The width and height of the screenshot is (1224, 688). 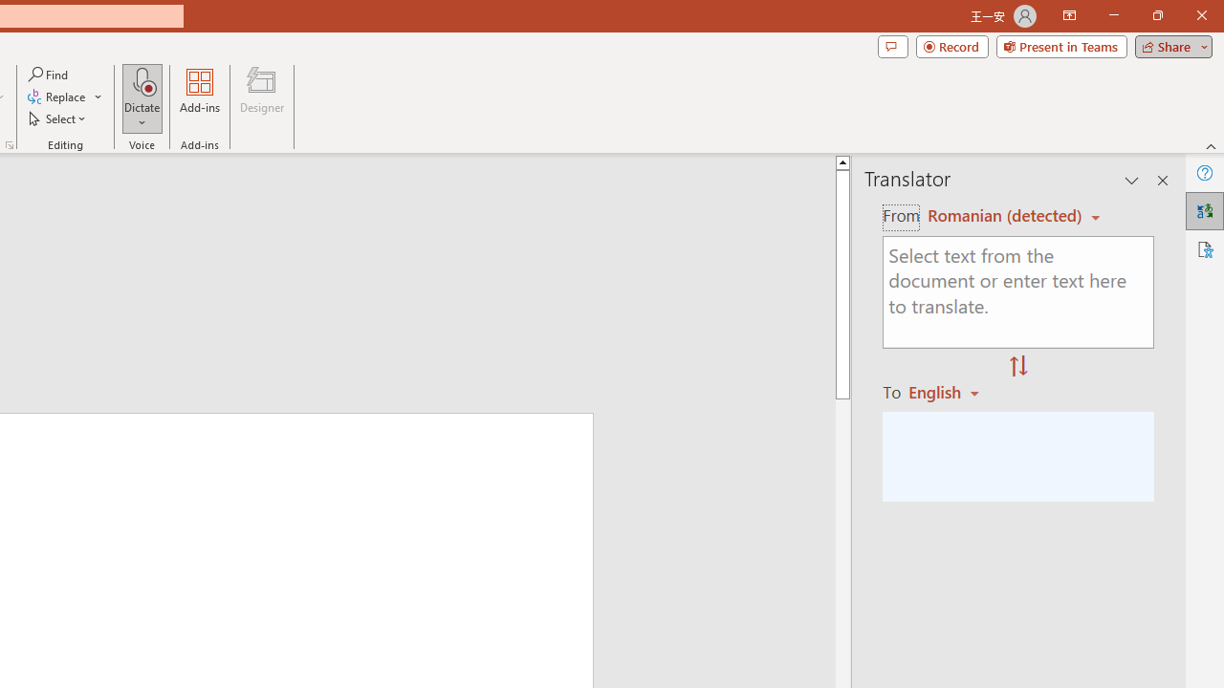 What do you see at coordinates (1000, 215) in the screenshot?
I see `'Romanian (detected)'` at bounding box center [1000, 215].